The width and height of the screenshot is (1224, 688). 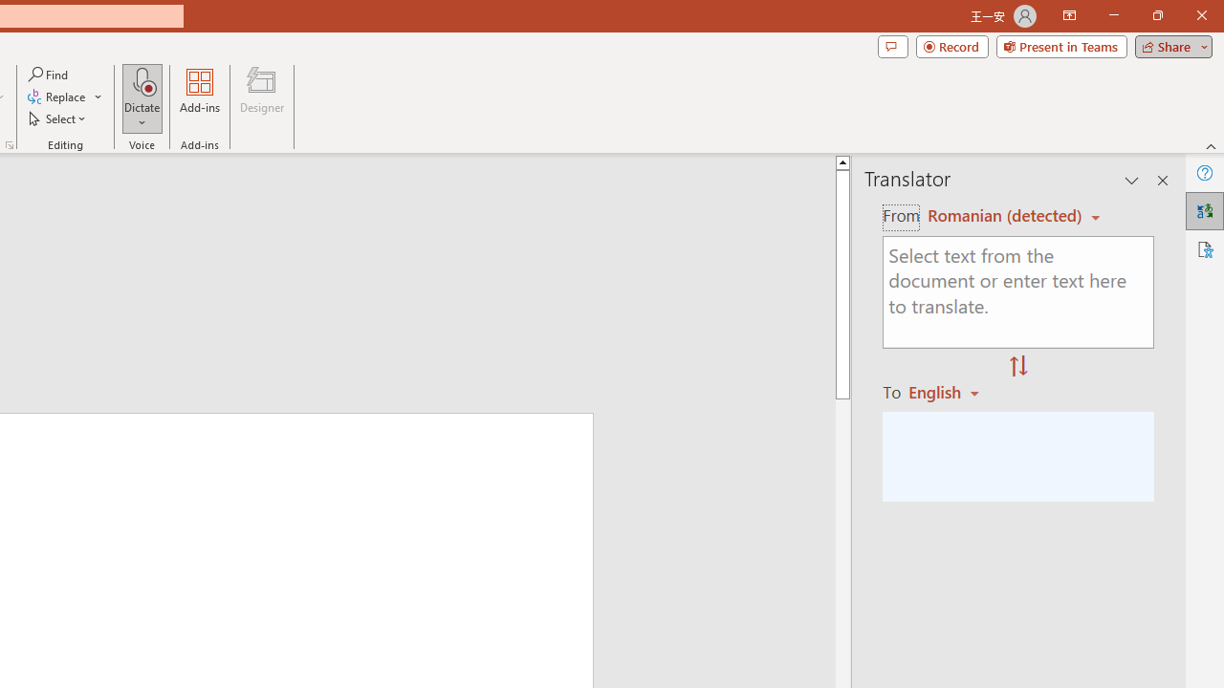 What do you see at coordinates (1000, 215) in the screenshot?
I see `'Romanian (detected)'` at bounding box center [1000, 215].